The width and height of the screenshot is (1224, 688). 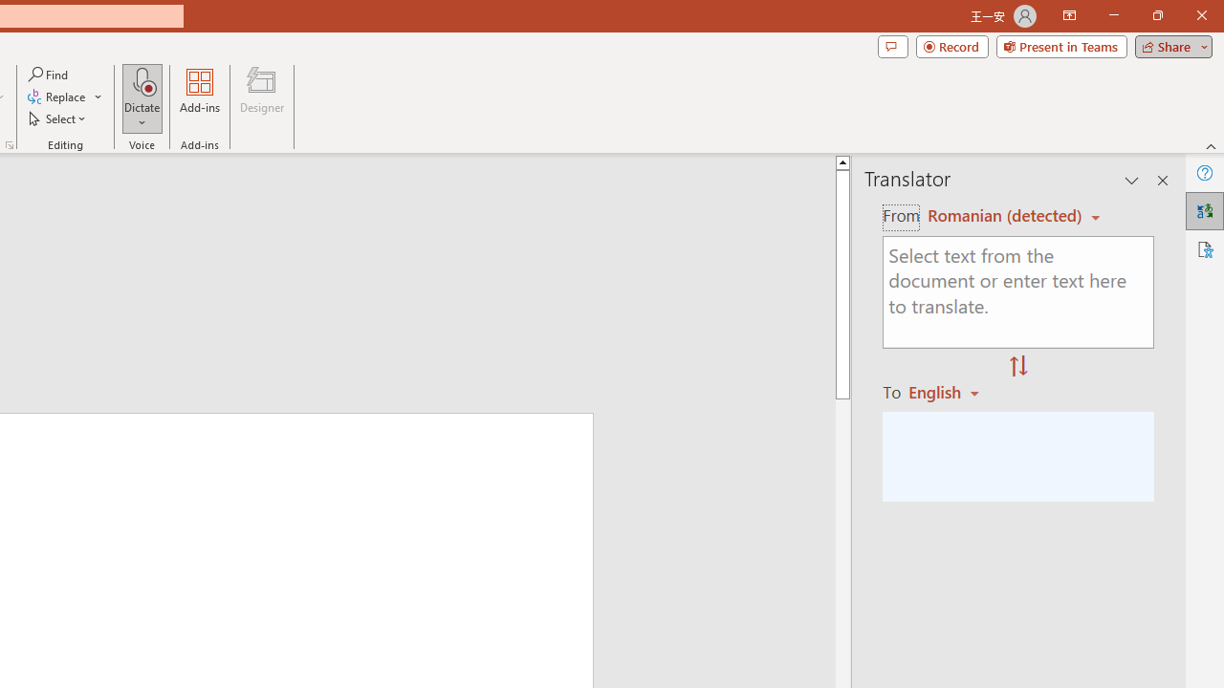 What do you see at coordinates (1000, 215) in the screenshot?
I see `'Romanian (detected)'` at bounding box center [1000, 215].